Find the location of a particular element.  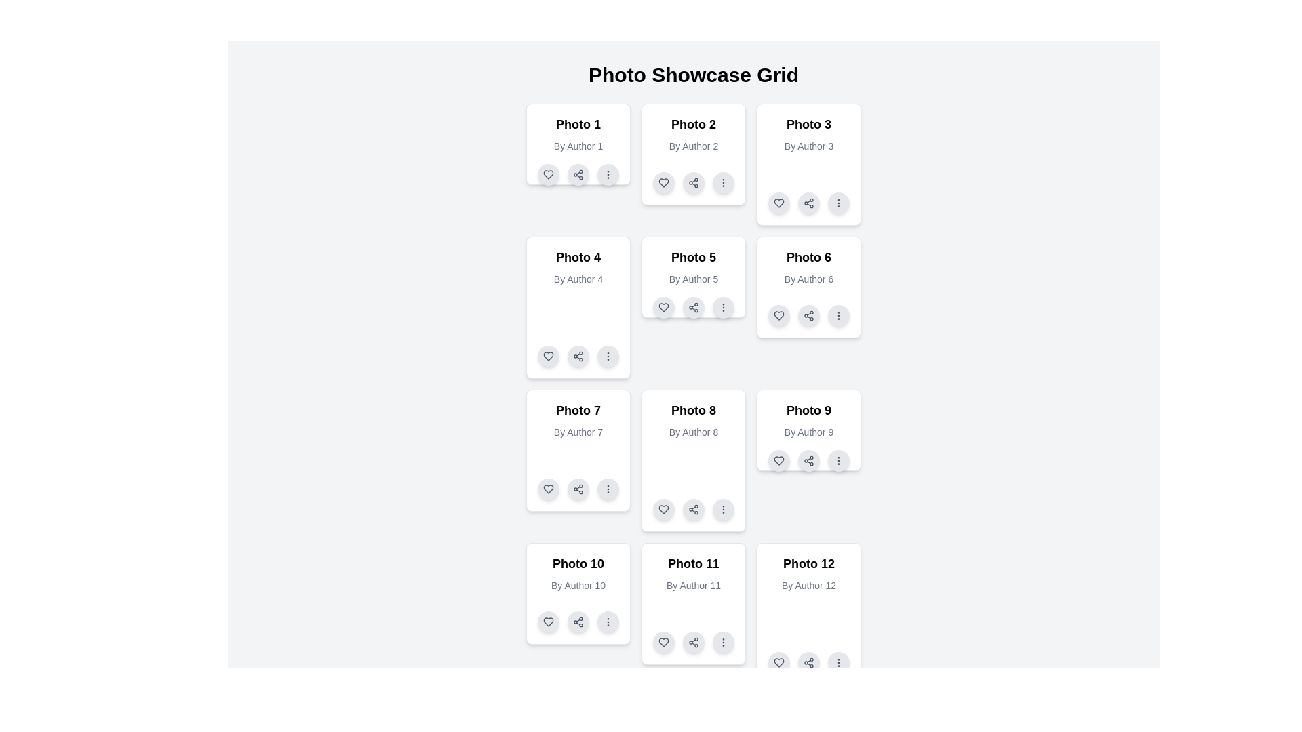

the heart button on the first card in the photo showcase grid is located at coordinates (549, 174).